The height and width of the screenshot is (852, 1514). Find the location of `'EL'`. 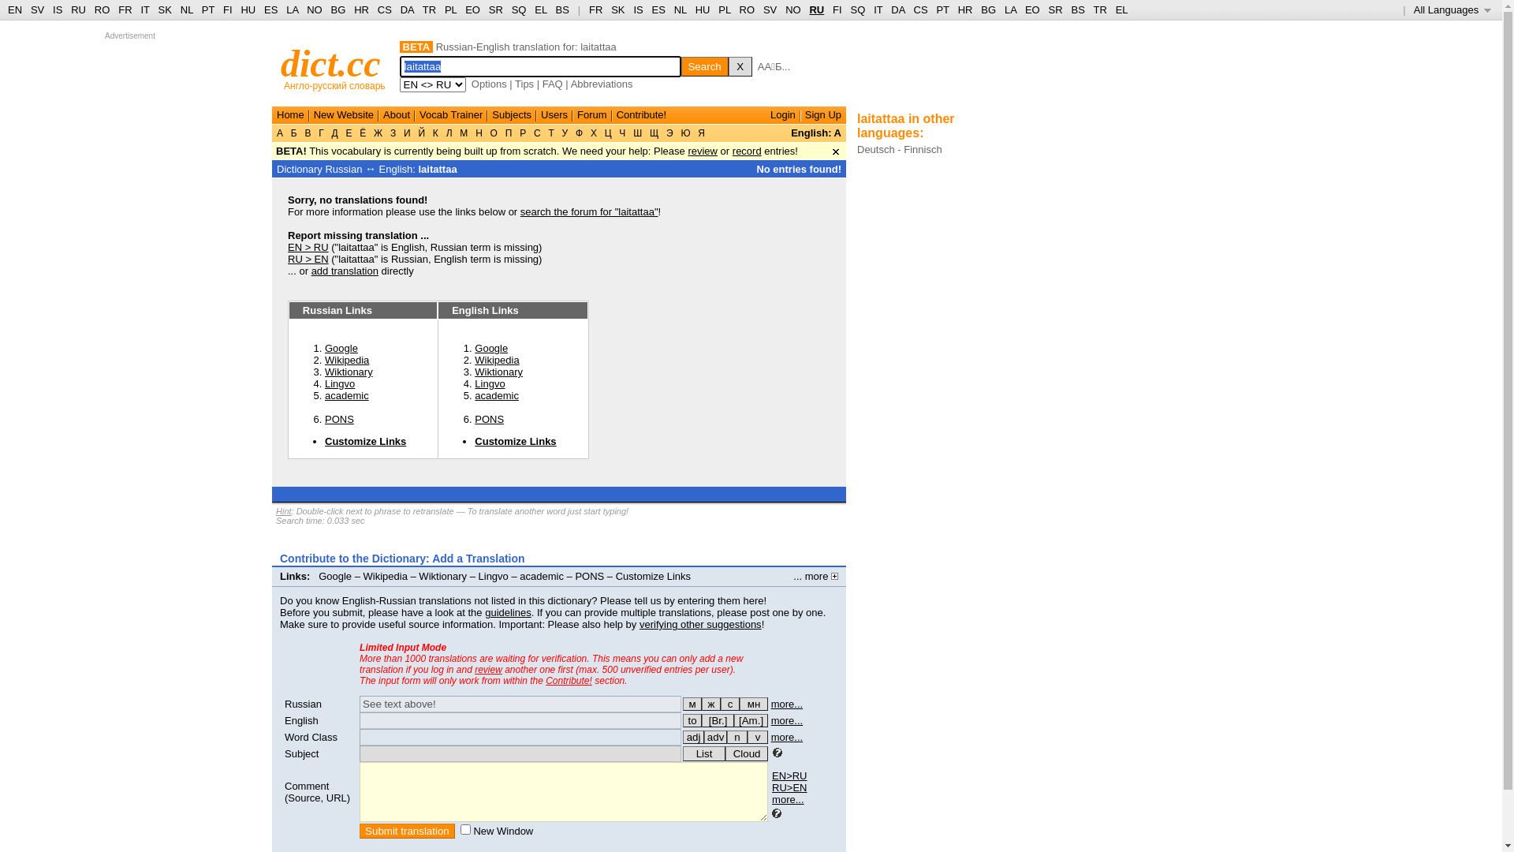

'EL' is located at coordinates (540, 9).